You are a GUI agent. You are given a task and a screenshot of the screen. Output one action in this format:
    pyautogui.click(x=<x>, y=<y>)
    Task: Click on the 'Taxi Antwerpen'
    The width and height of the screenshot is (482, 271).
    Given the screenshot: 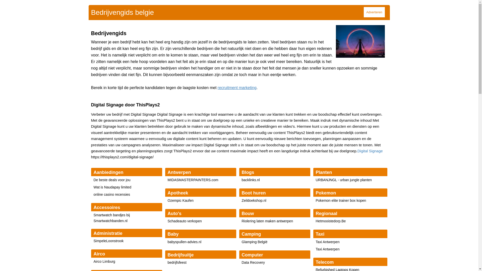 What is the action you would take?
    pyautogui.click(x=328, y=242)
    